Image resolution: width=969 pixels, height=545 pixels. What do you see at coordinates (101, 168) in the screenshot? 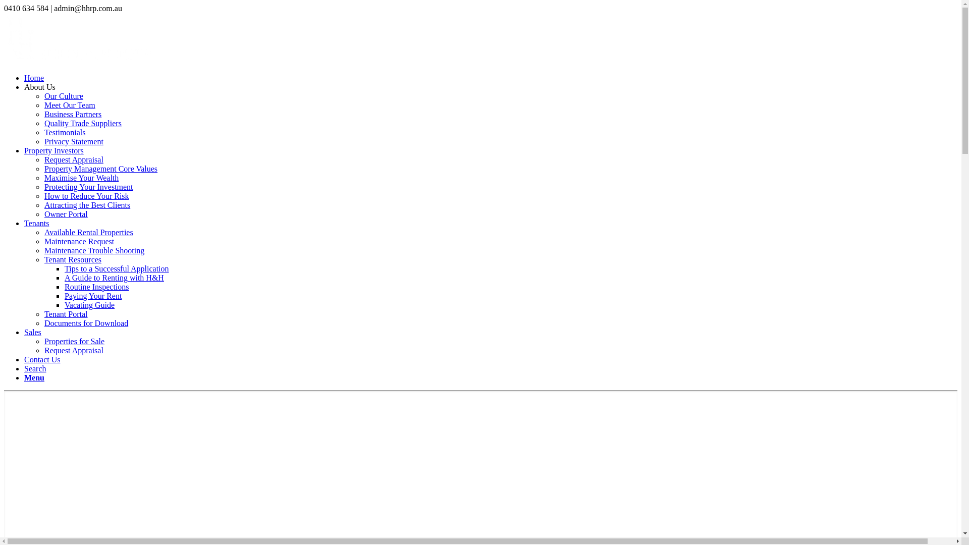
I see `'Property Management Core Values'` at bounding box center [101, 168].